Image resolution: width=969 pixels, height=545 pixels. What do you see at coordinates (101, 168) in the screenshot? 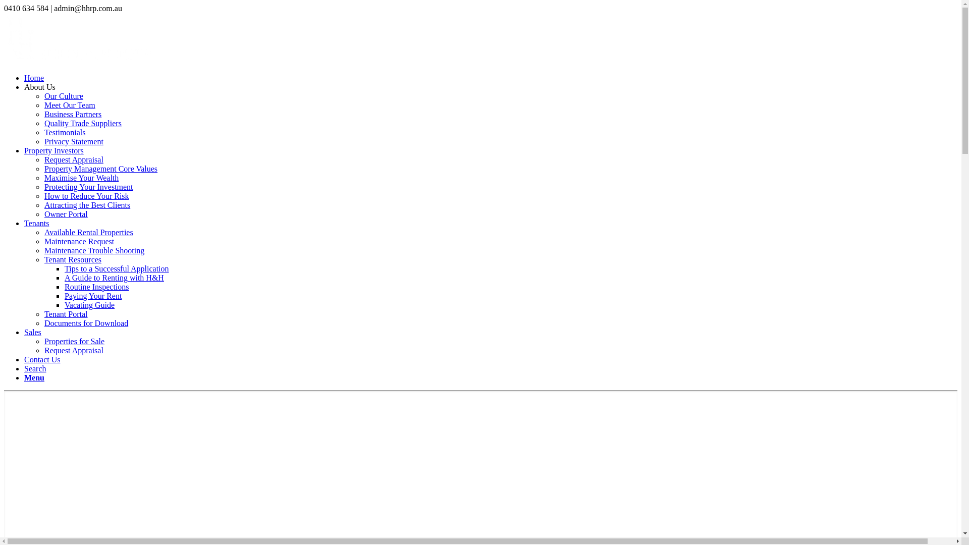
I see `'Property Management Core Values'` at bounding box center [101, 168].